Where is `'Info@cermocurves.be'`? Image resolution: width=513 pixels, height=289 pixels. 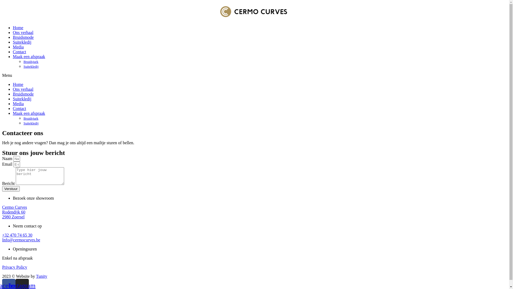 'Info@cermocurves.be' is located at coordinates (21, 239).